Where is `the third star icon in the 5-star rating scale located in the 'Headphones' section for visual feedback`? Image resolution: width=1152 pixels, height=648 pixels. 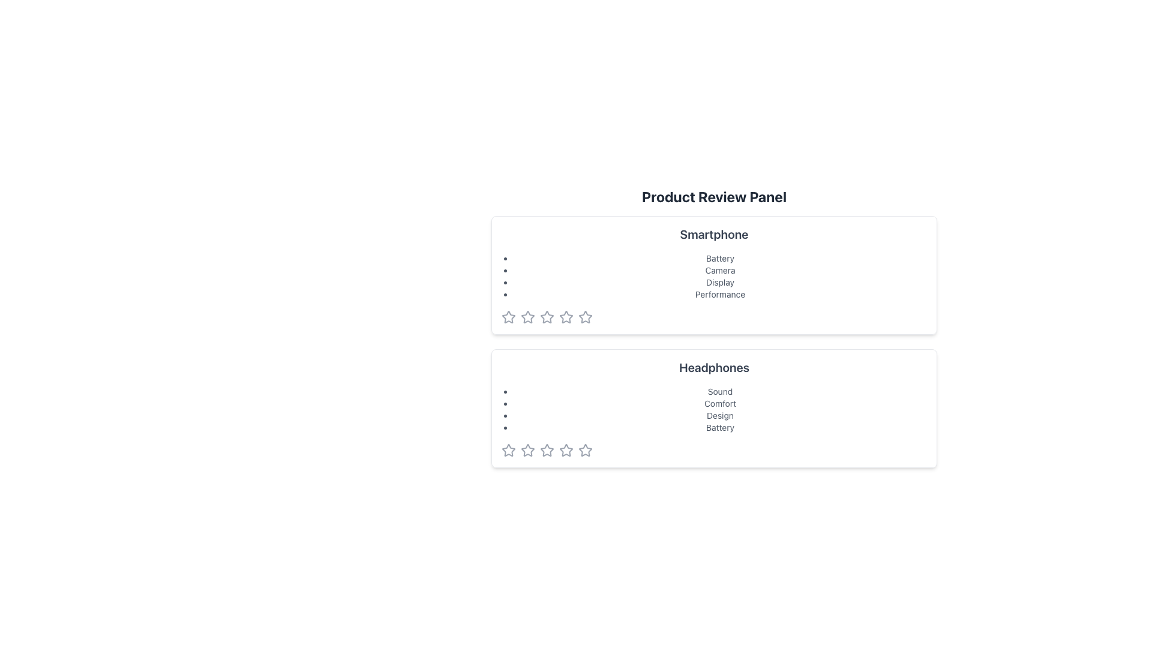 the third star icon in the 5-star rating scale located in the 'Headphones' section for visual feedback is located at coordinates (566, 450).